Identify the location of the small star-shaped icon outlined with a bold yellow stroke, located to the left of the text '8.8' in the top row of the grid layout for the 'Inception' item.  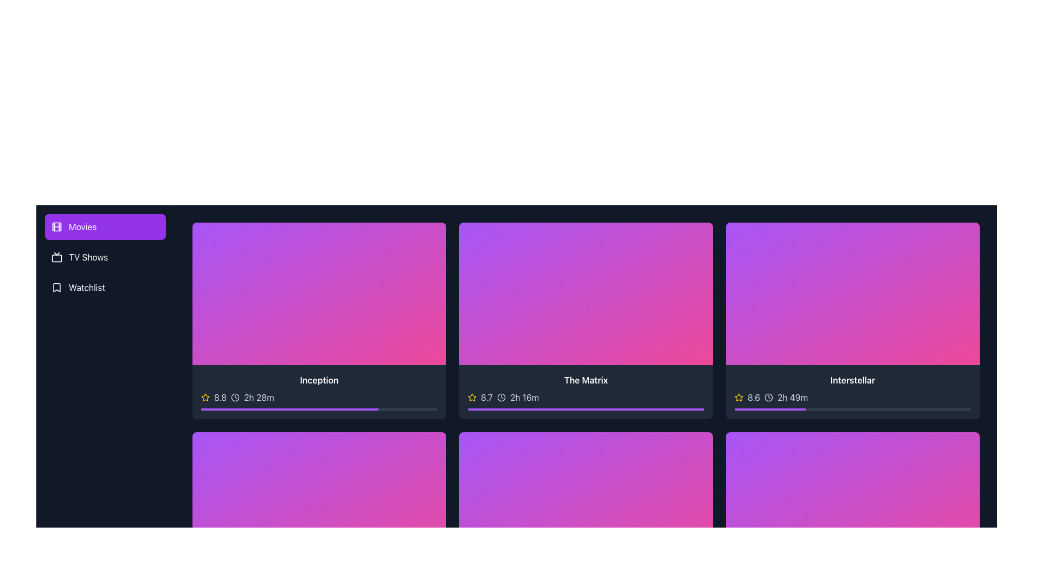
(205, 397).